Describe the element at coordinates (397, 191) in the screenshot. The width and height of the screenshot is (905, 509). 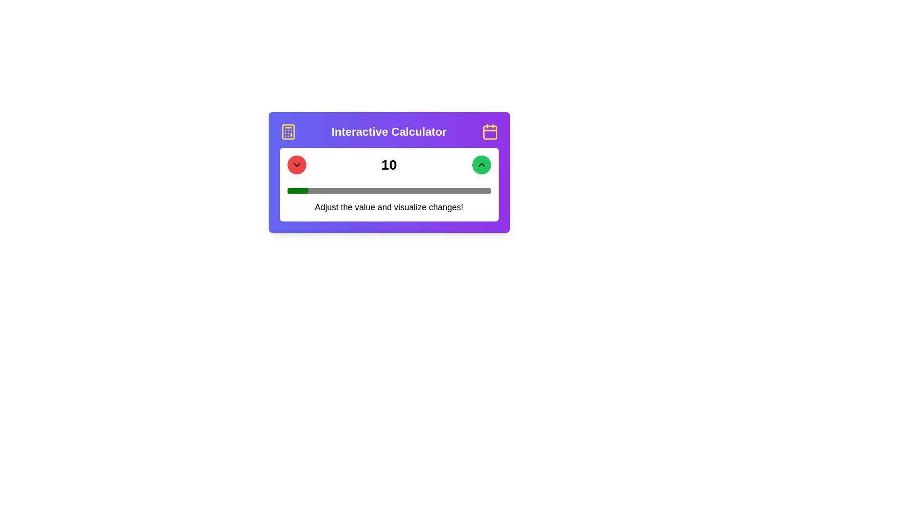
I see `the slider value` at that location.